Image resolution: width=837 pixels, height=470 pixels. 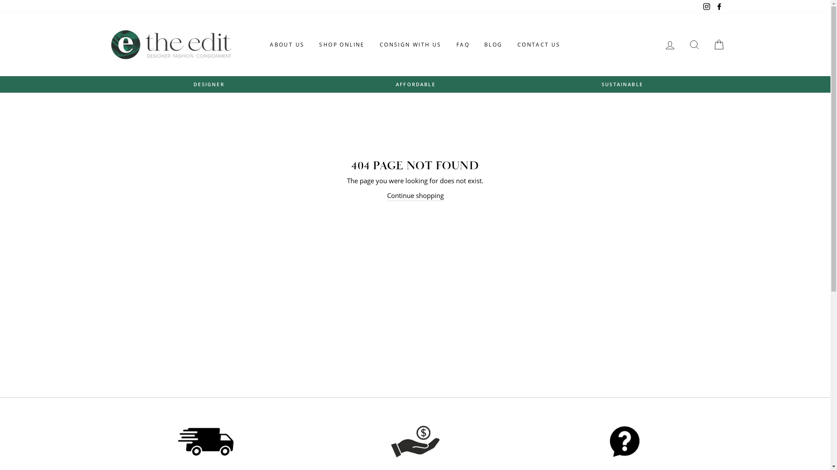 What do you see at coordinates (263, 45) in the screenshot?
I see `'ABOUT US'` at bounding box center [263, 45].